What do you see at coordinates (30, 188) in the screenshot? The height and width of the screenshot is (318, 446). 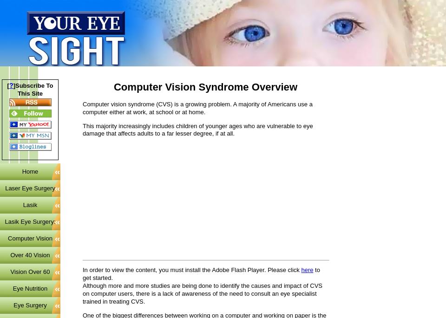 I see `'Laser Eye Surgery'` at bounding box center [30, 188].